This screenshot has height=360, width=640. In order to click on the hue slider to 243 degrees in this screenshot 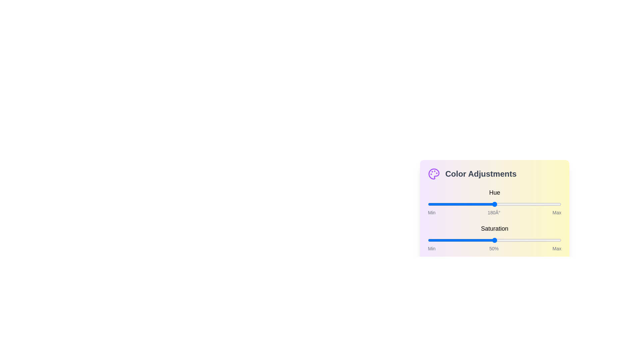, I will do `click(518, 204)`.